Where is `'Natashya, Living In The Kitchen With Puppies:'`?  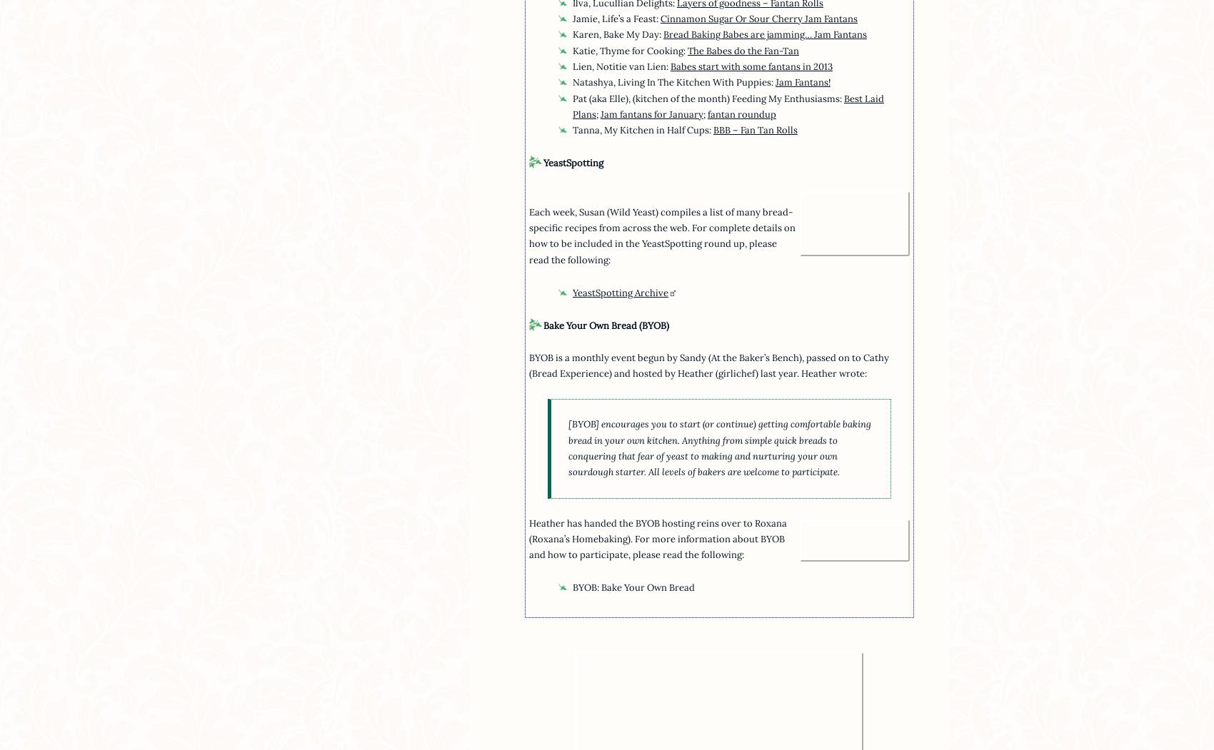 'Natashya, Living In The Kitchen With Puppies:' is located at coordinates (673, 82).